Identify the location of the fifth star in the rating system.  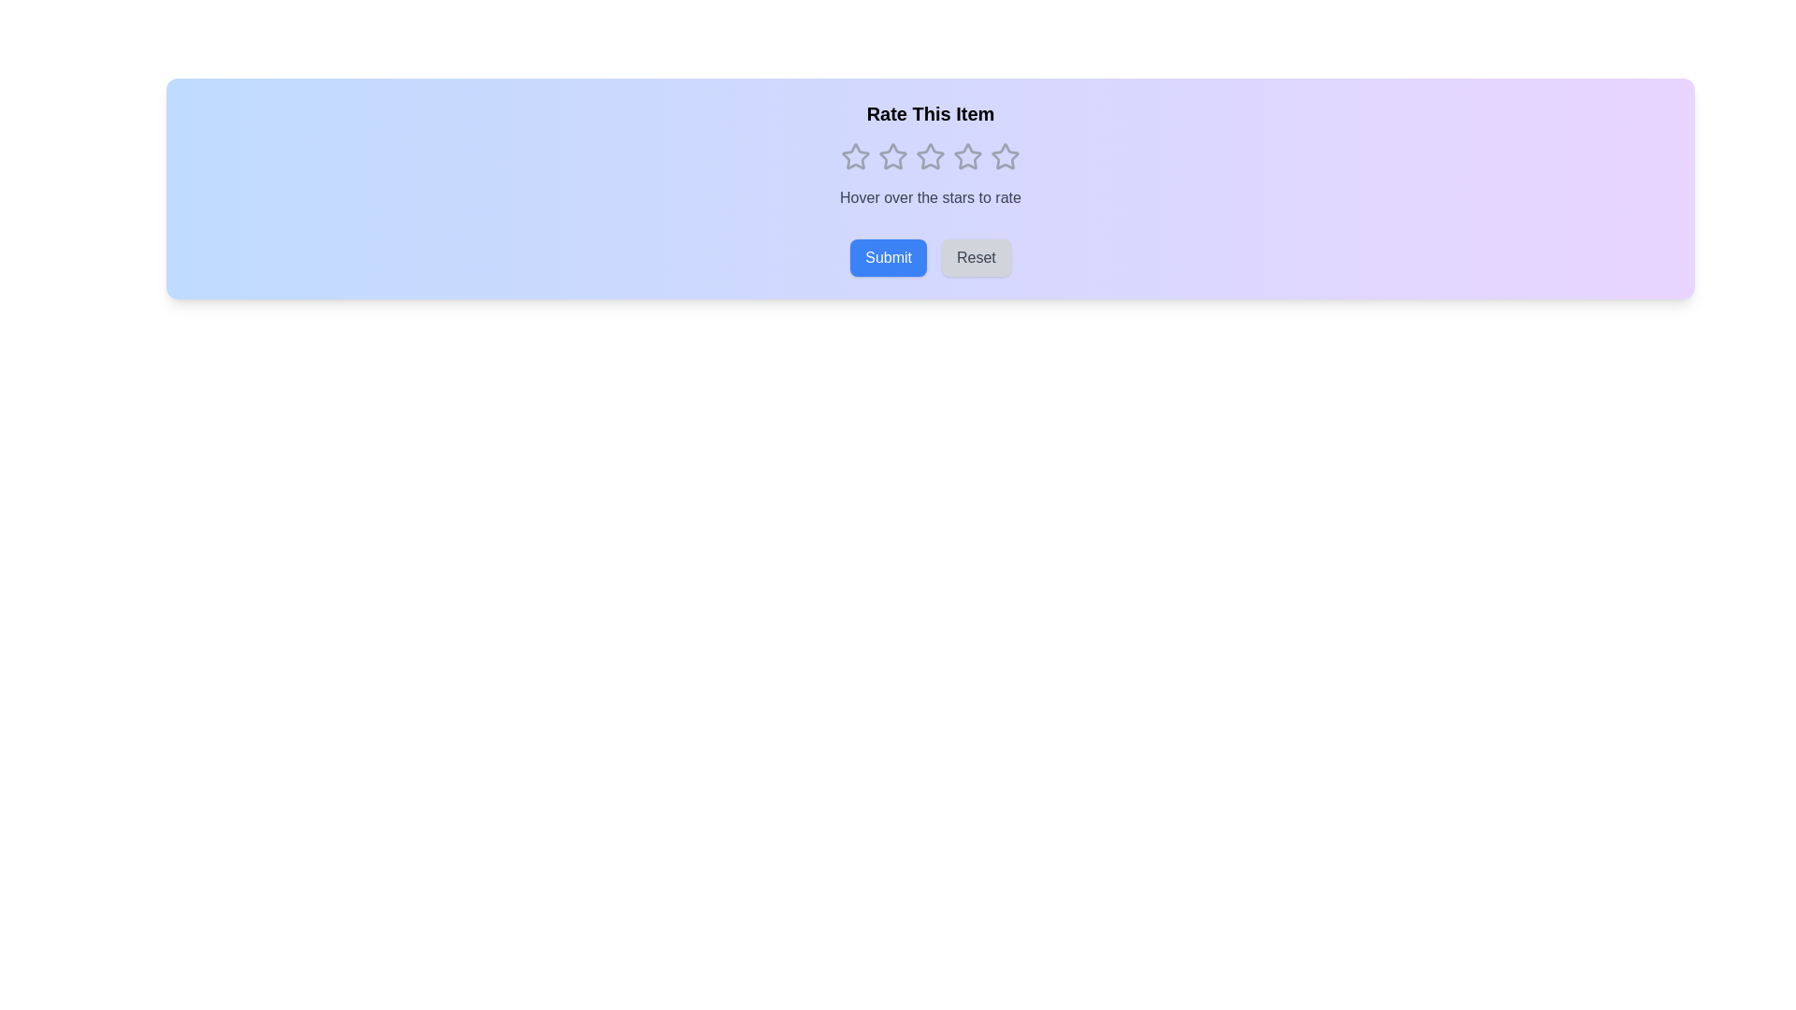
(1005, 155).